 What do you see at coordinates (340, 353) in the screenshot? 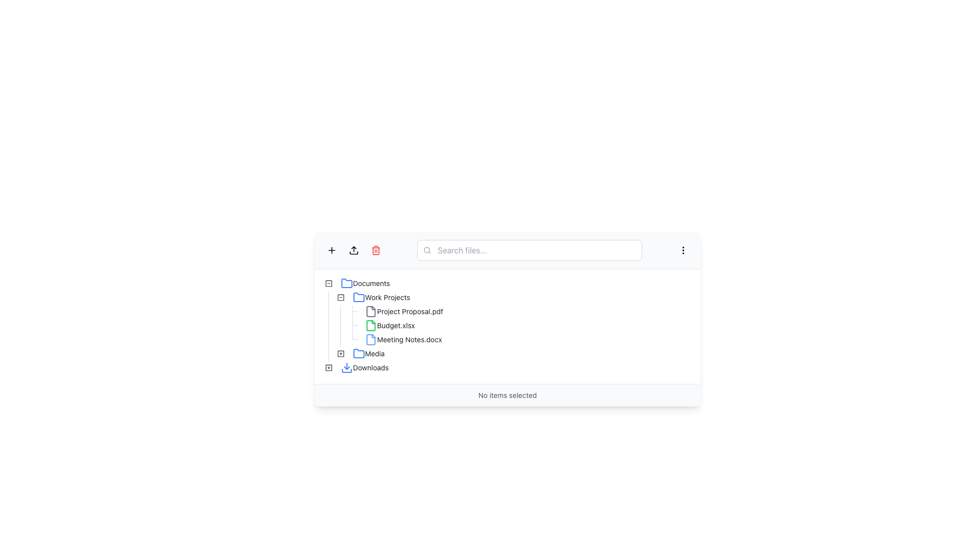
I see `the button` at bounding box center [340, 353].